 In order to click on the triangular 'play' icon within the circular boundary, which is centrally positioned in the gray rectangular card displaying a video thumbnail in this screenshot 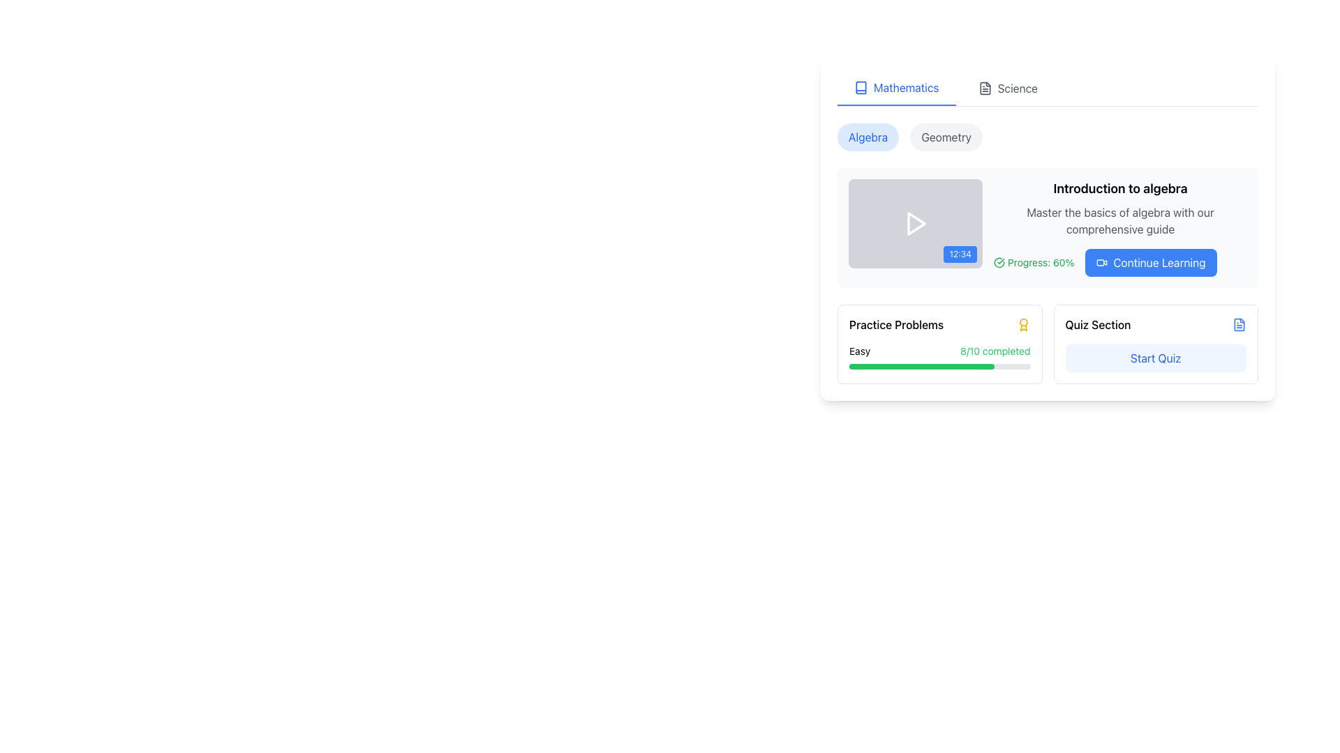, I will do `click(915, 222)`.